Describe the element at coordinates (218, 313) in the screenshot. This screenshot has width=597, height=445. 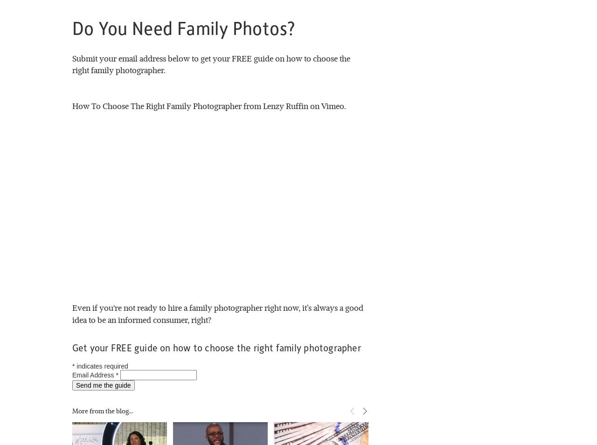
I see `'Even if you're not ready to hire a family photographer right now, it’s always a good idea to be an informed consumer, right?'` at that location.